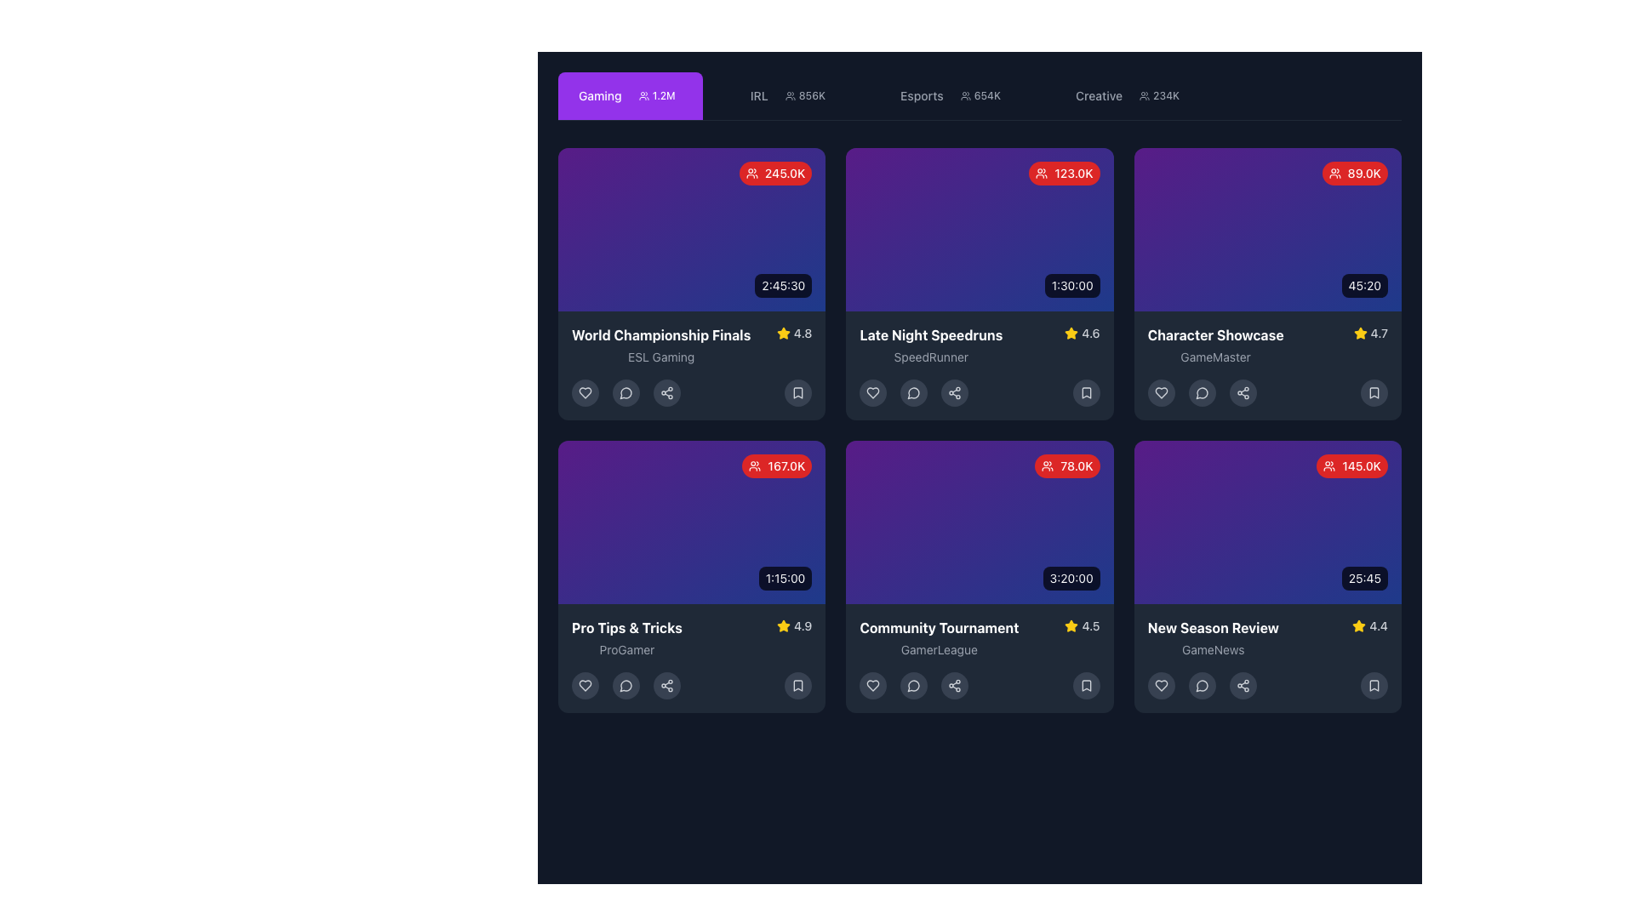 This screenshot has width=1634, height=919. What do you see at coordinates (1212, 627) in the screenshot?
I see `the text label displaying 'New Season Review' in bold white font located in the bottom-right card, above the 'GameNews' label and to the left of the star rating indicator` at bounding box center [1212, 627].